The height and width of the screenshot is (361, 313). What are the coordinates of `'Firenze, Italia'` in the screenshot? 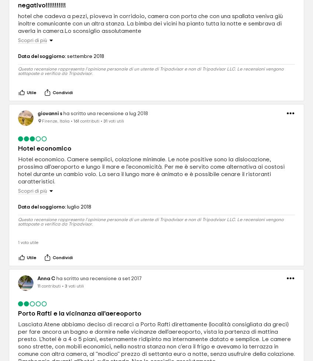 It's located at (56, 121).